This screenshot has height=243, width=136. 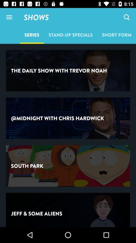 I want to click on side menu, so click(x=9, y=17).